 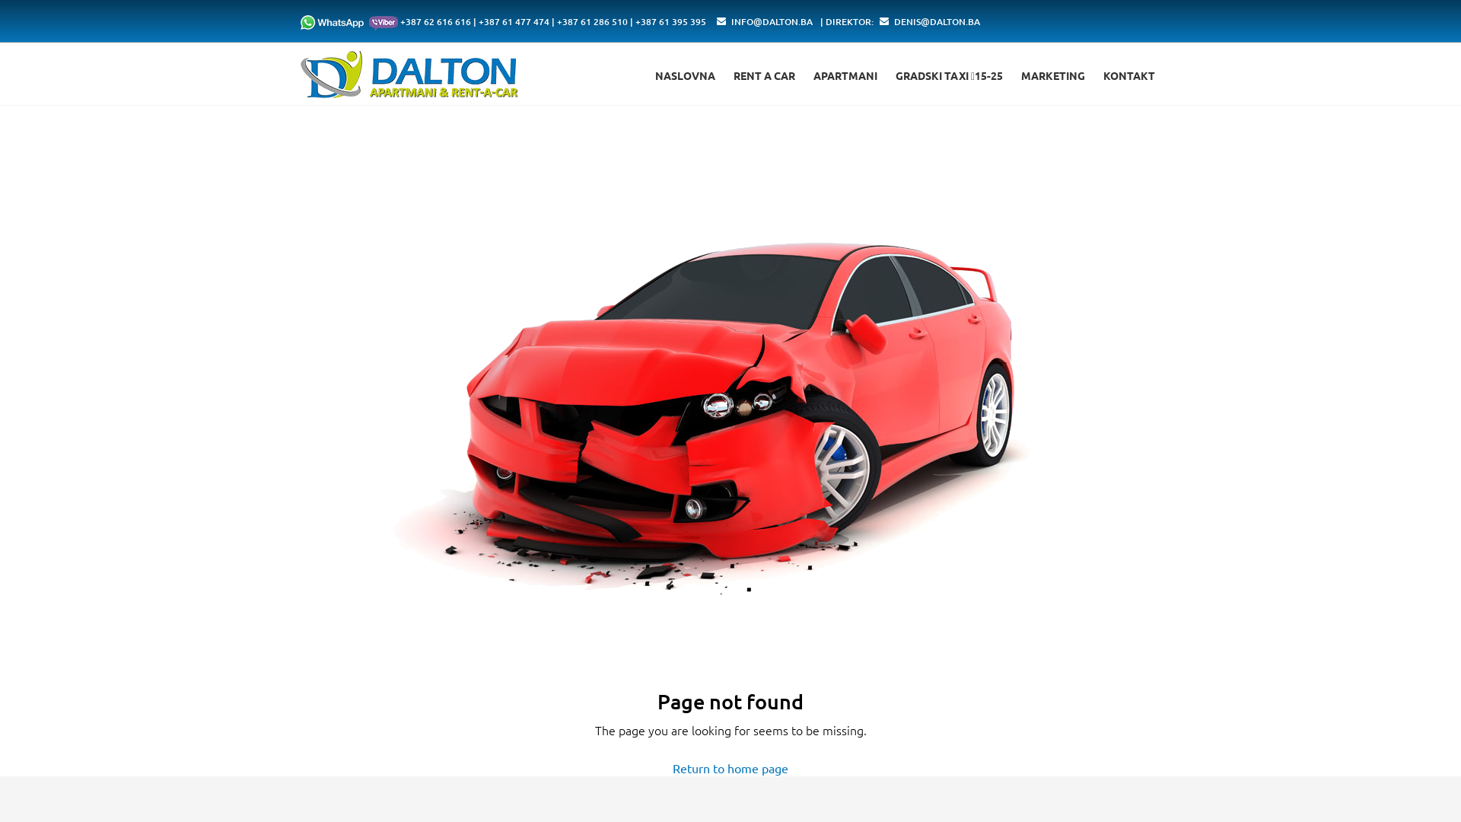 What do you see at coordinates (936, 21) in the screenshot?
I see `'DENIS@DALTON.BA'` at bounding box center [936, 21].